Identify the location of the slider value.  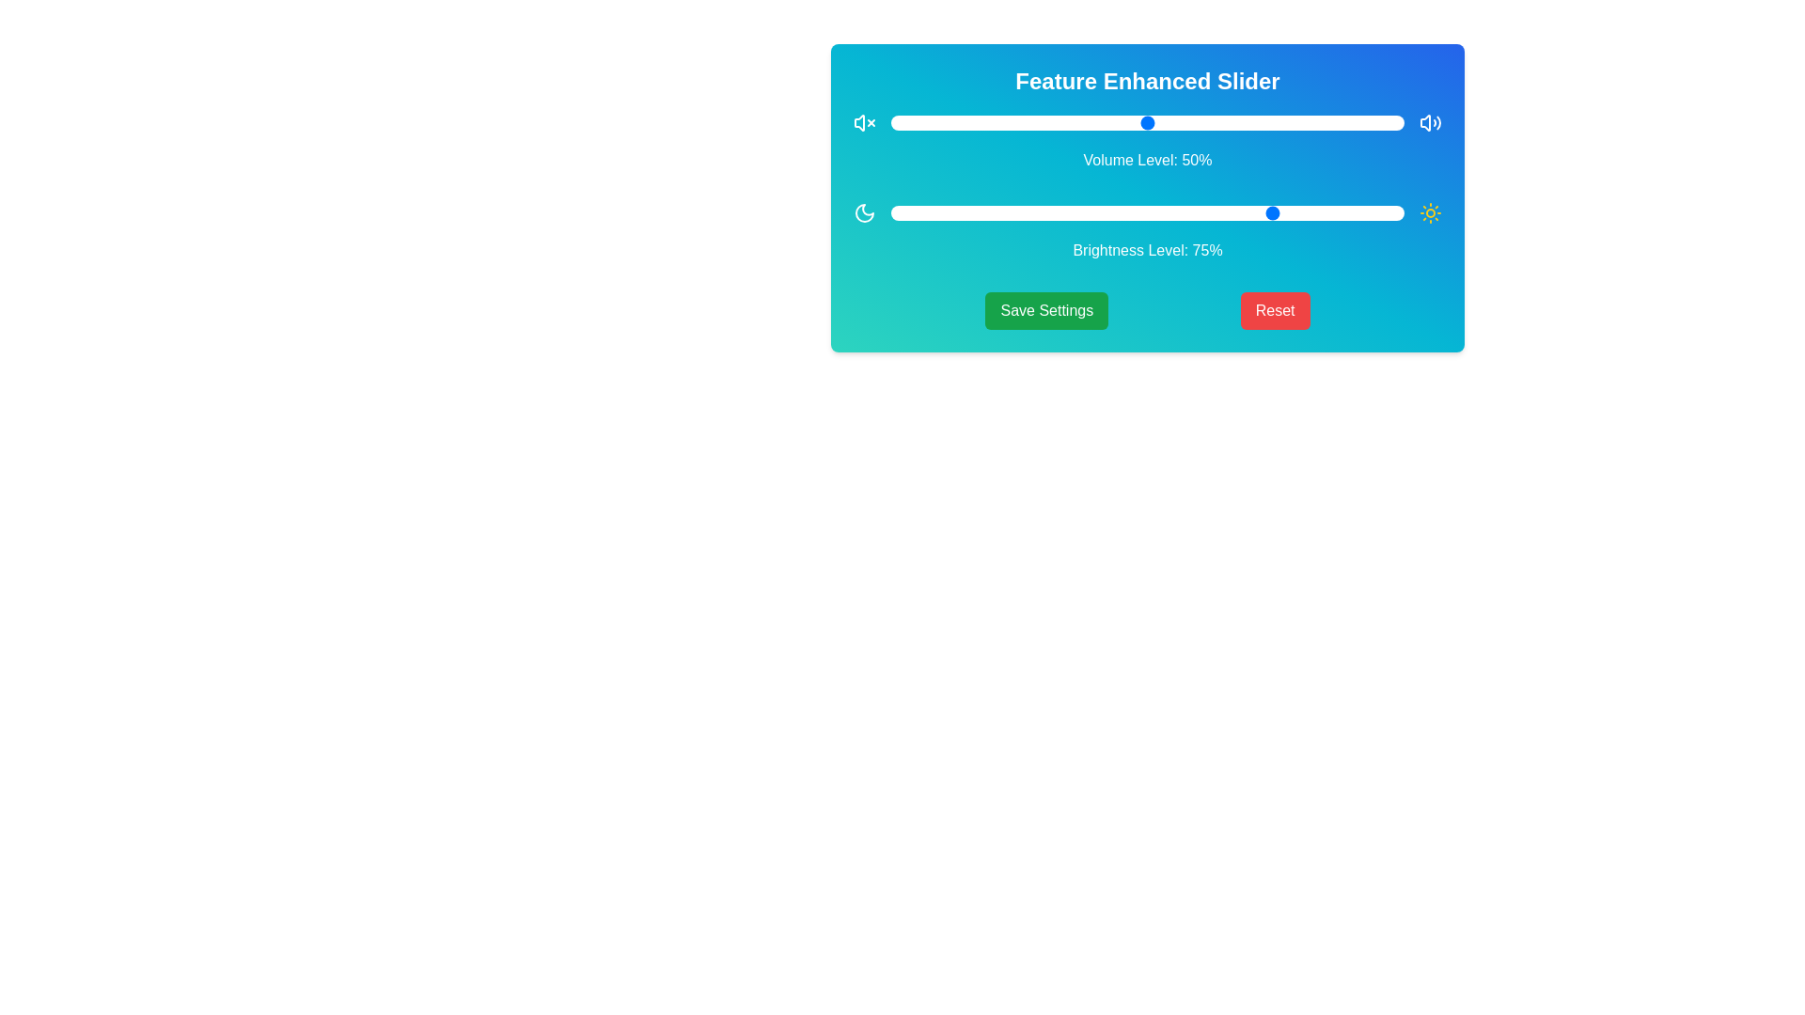
(1271, 123).